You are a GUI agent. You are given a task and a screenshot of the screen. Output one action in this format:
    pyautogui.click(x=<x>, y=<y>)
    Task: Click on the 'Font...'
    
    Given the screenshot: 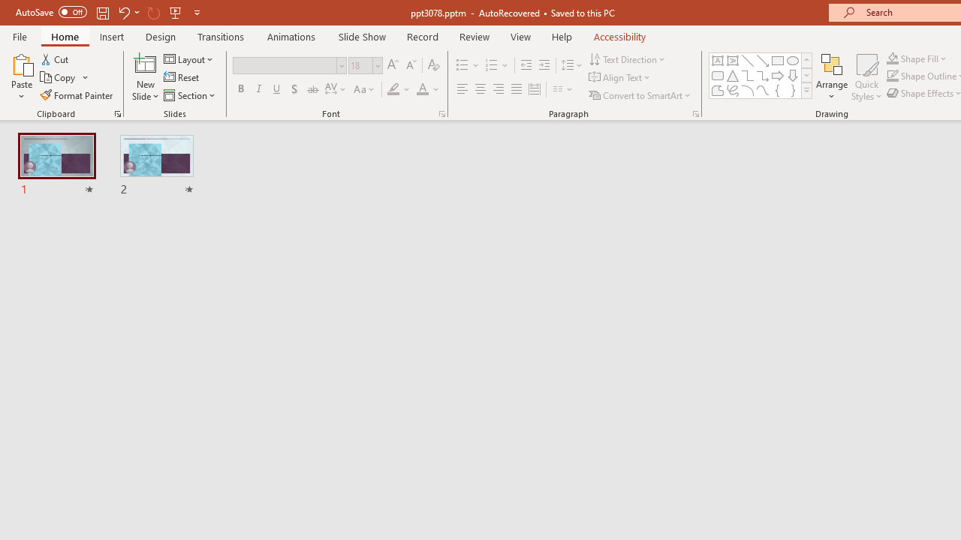 What is the action you would take?
    pyautogui.click(x=441, y=112)
    